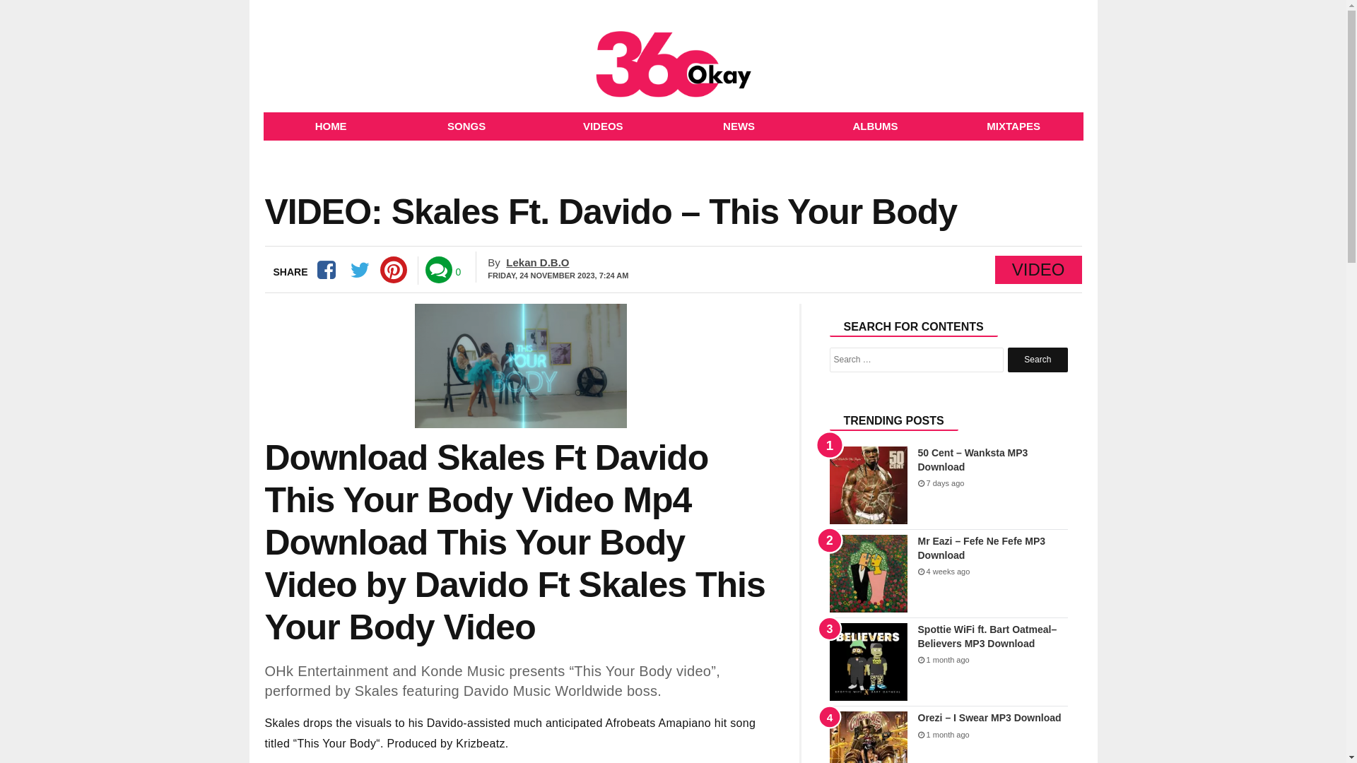 This screenshot has width=1357, height=763. I want to click on 'pinterest', so click(380, 269).